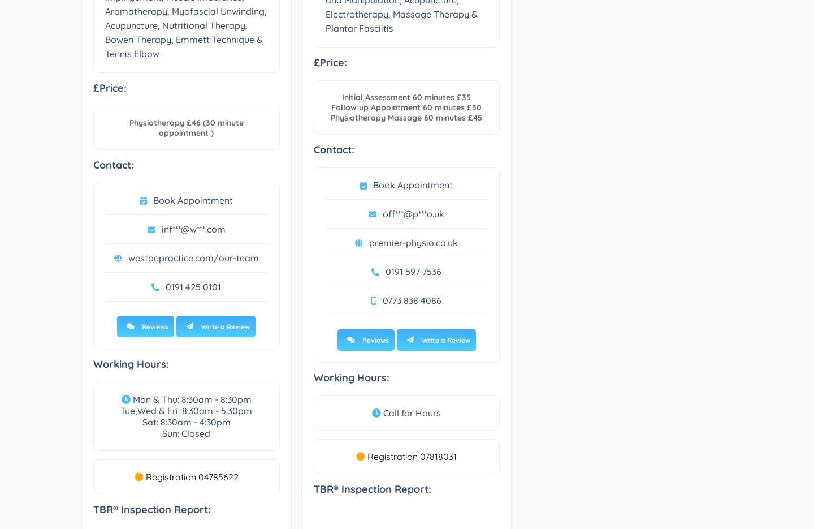  I want to click on 'Mon & Thu: 8:30am - 8:30pm', so click(190, 399).